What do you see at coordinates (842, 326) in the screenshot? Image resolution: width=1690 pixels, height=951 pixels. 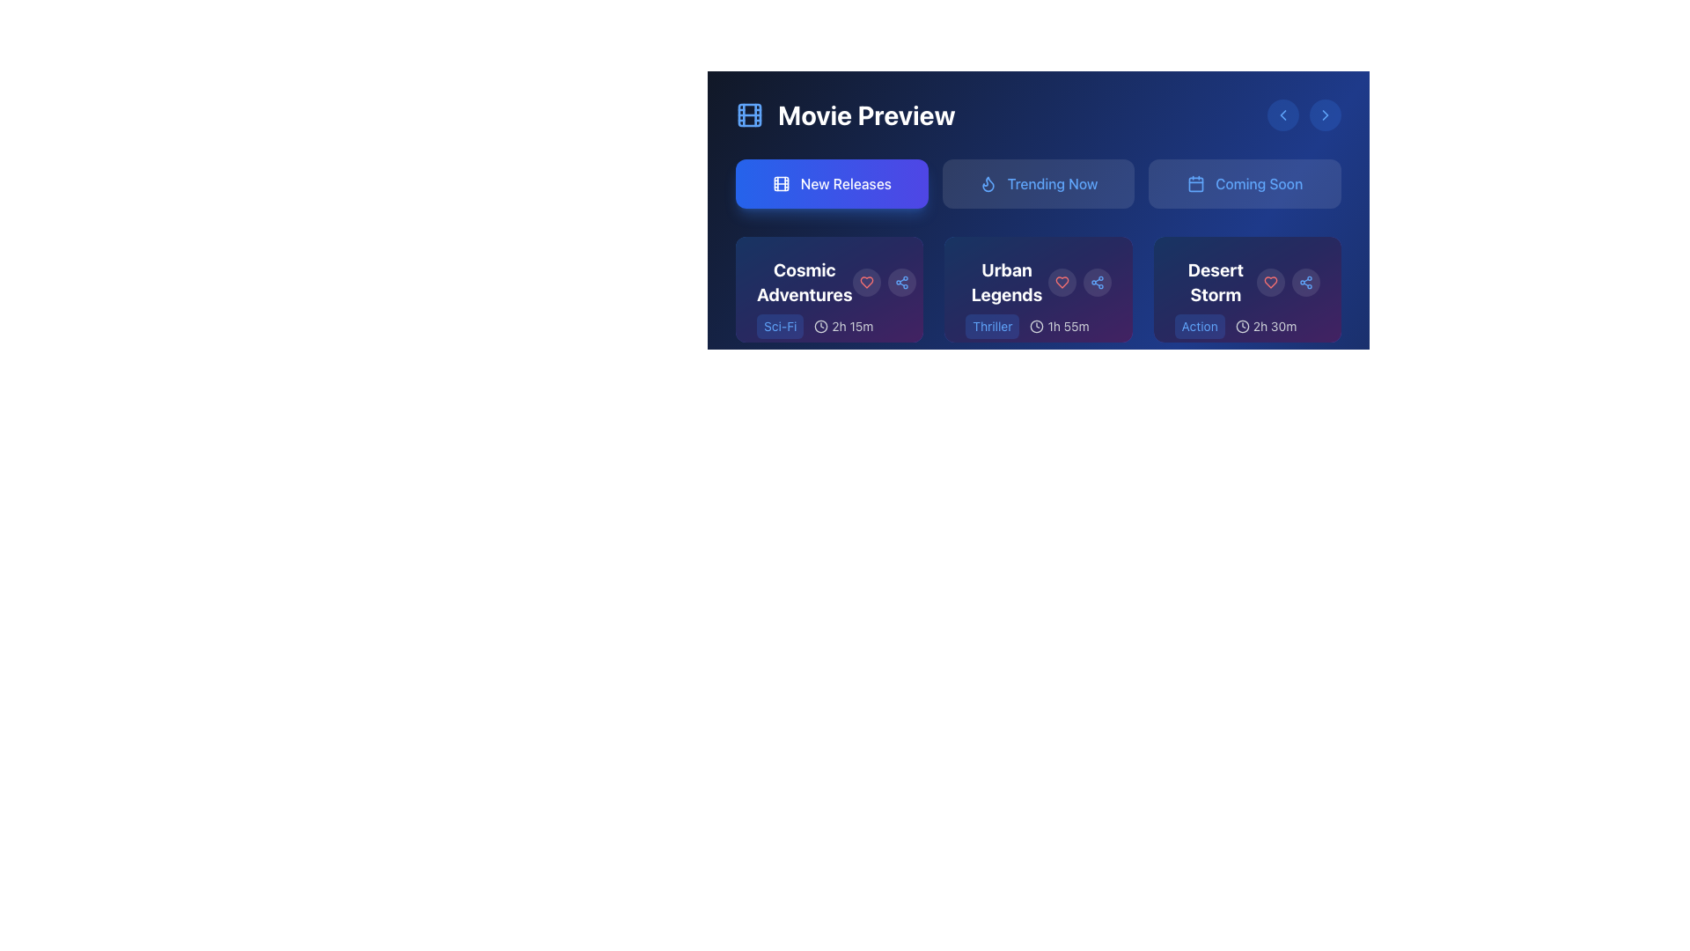 I see `displayed duration text '2h 15m' next to the clock icon in the middle card under 'New Releases' below 'Cosmic Adventures.'` at bounding box center [842, 326].